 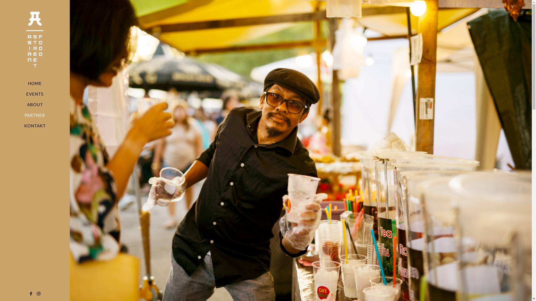 I want to click on 'Facebook', so click(x=31, y=293).